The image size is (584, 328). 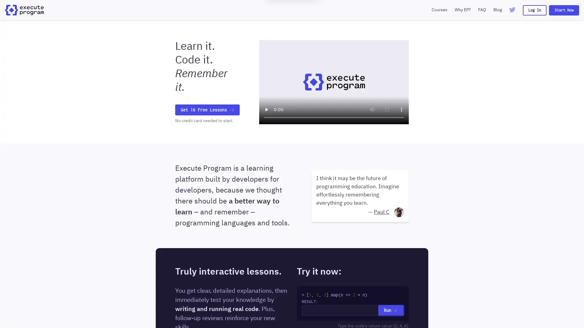 I want to click on mute, so click(x=372, y=109).